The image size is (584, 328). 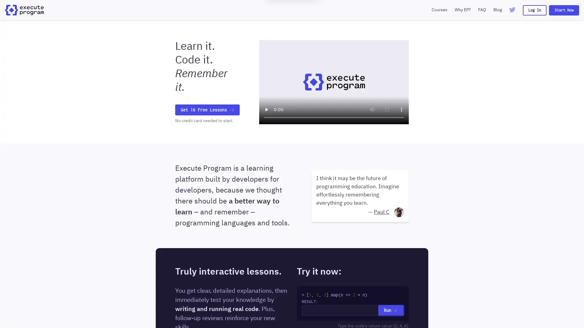 I want to click on mute, so click(x=372, y=109).